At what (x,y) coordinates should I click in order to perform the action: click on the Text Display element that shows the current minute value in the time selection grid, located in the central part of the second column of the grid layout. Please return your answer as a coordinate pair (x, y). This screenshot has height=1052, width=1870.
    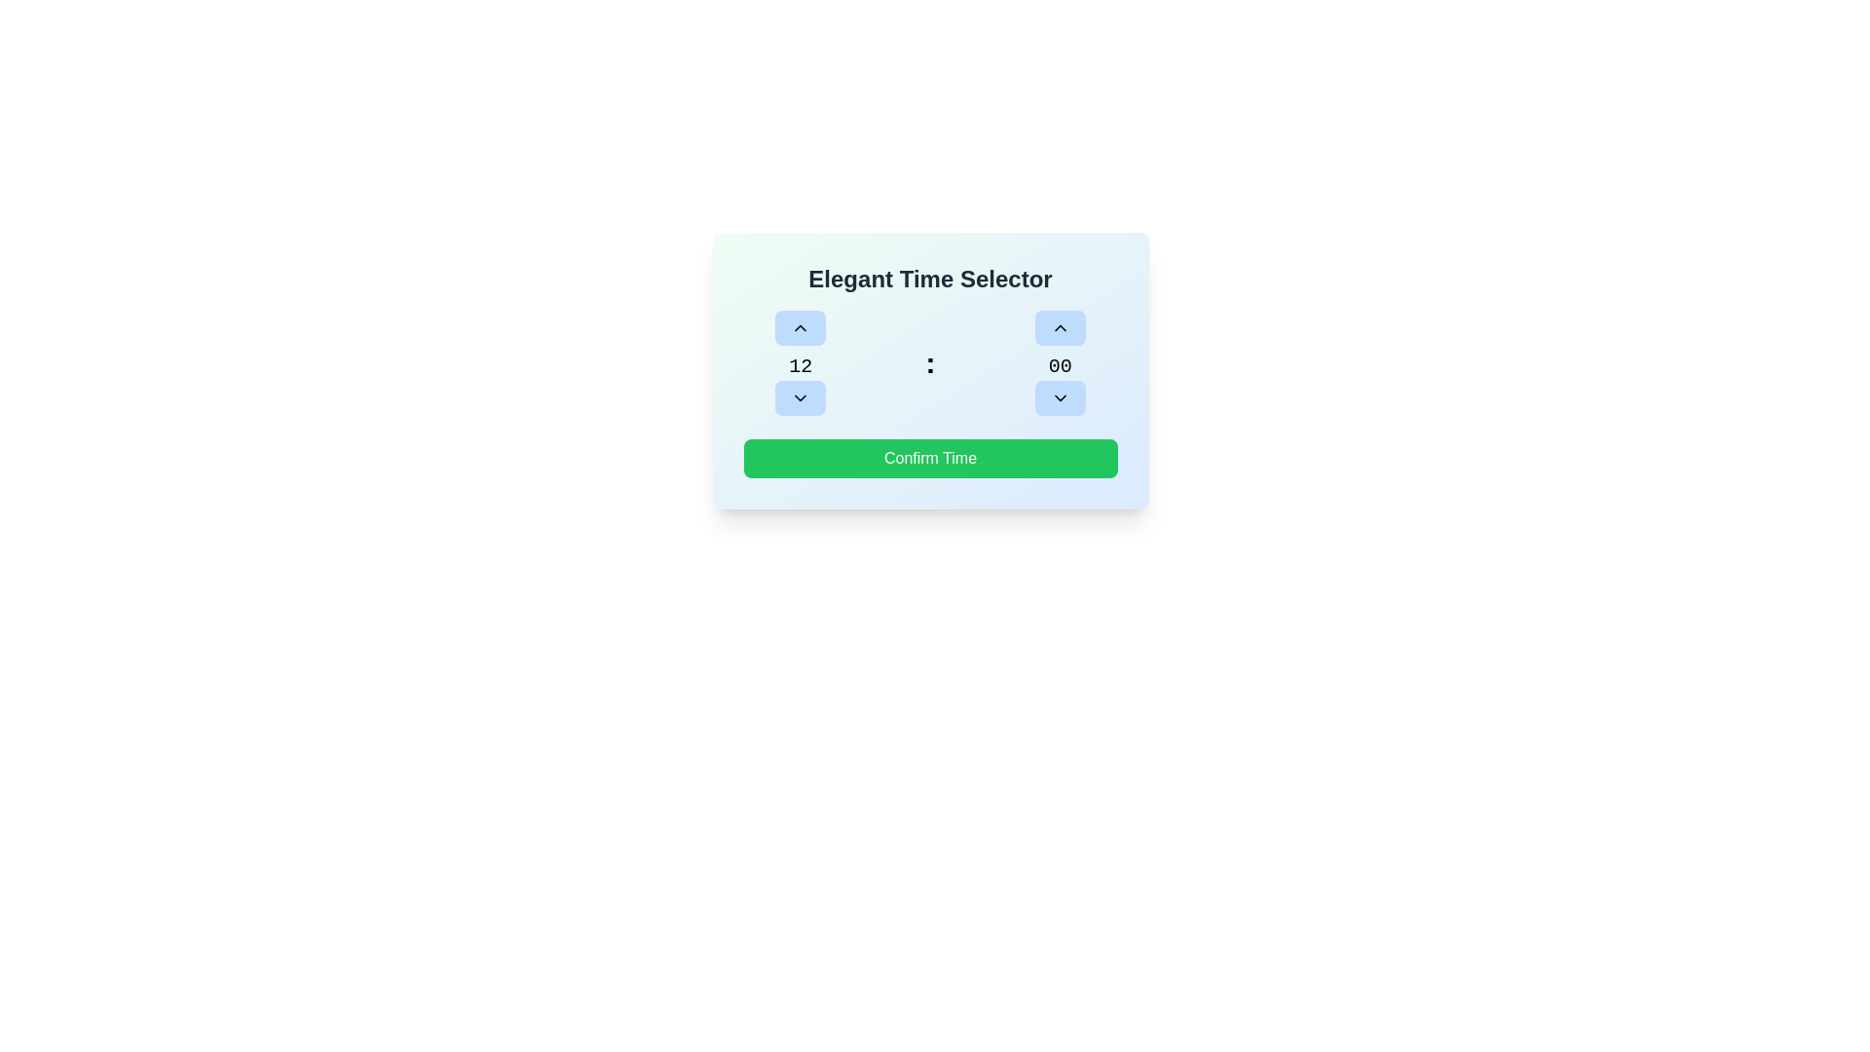
    Looking at the image, I should click on (1059, 363).